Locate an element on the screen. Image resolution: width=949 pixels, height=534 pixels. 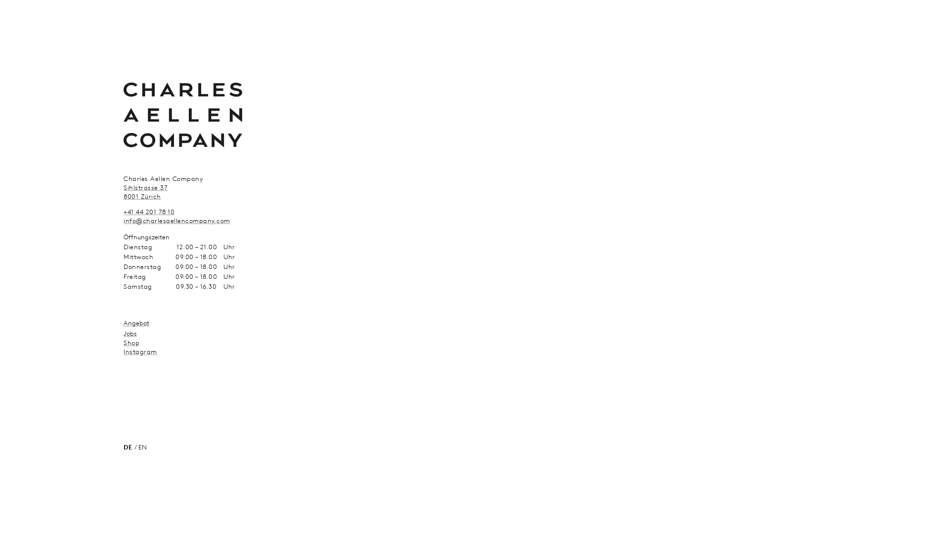
'EN' is located at coordinates (137, 446).